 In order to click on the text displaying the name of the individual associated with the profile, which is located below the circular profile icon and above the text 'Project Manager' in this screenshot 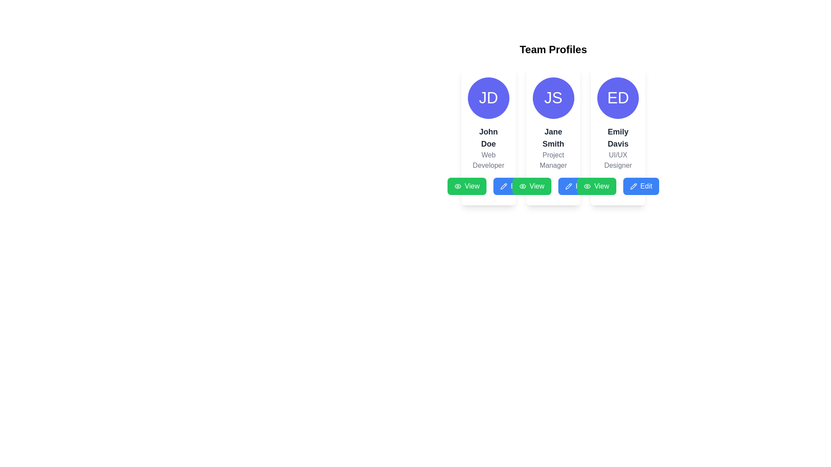, I will do `click(553, 138)`.